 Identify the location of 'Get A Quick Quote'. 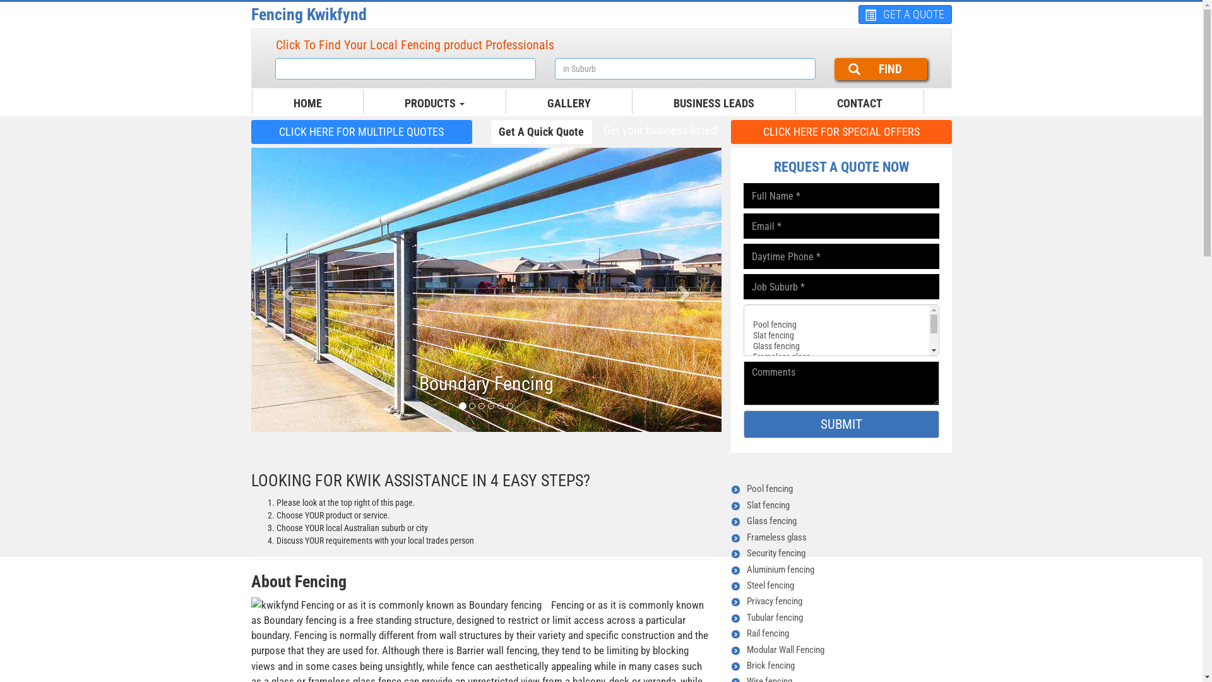
(542, 131).